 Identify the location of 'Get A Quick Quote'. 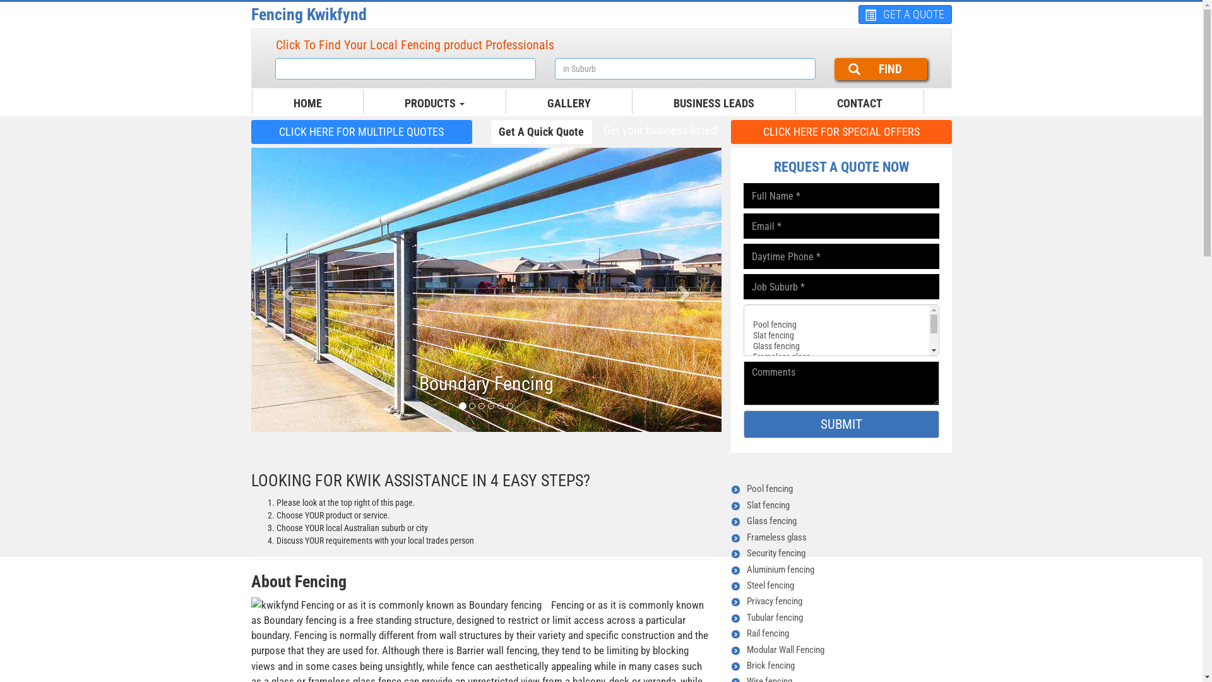
(542, 131).